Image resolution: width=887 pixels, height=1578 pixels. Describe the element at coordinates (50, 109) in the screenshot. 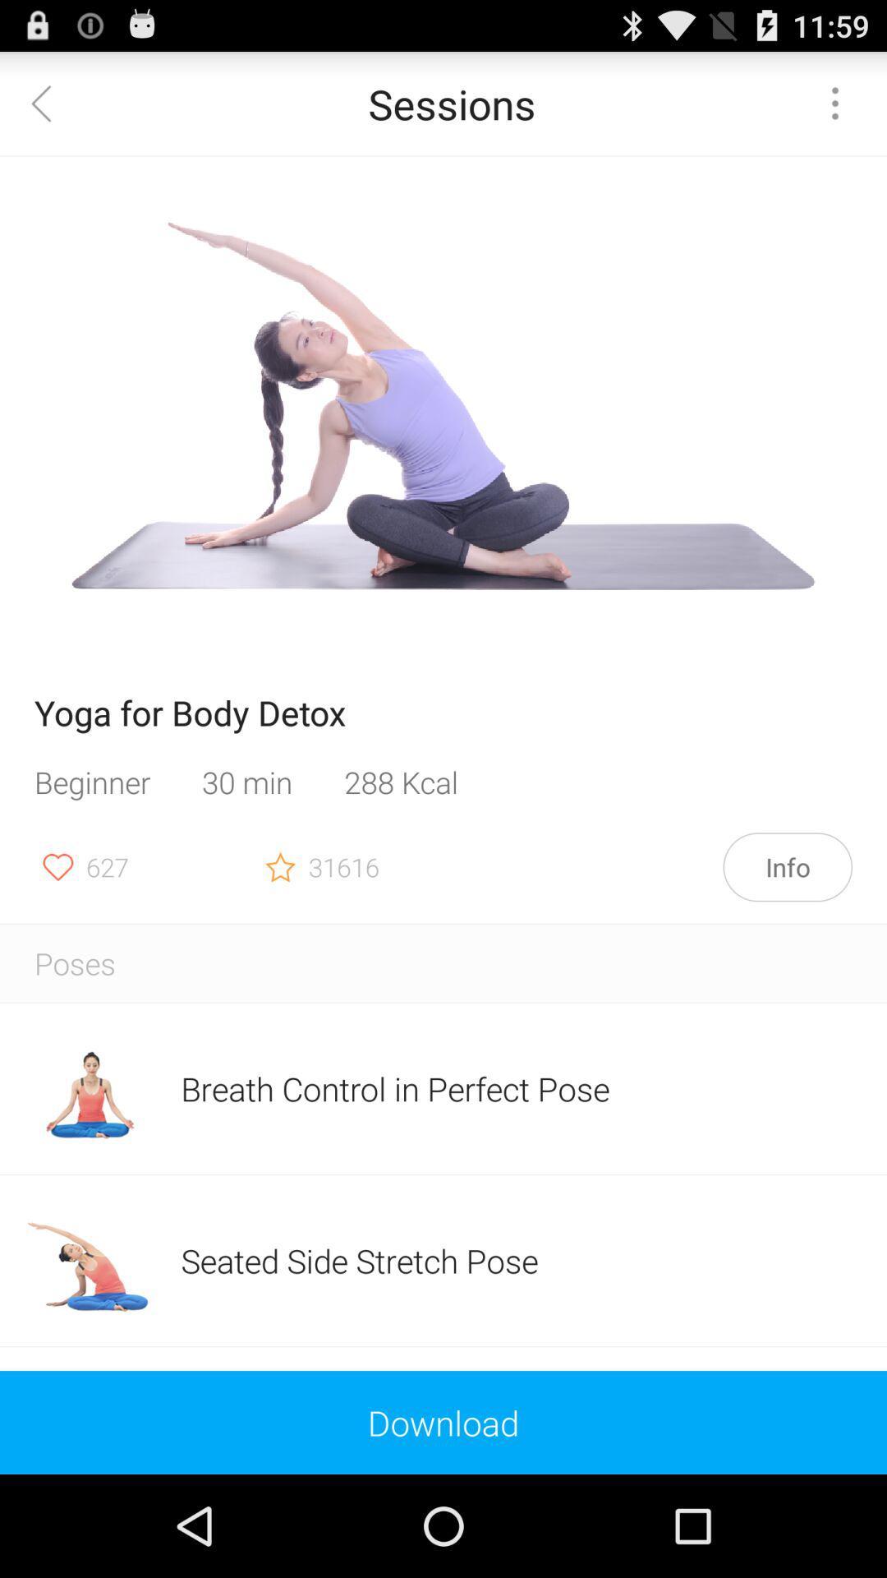

I see `the arrow_backward icon` at that location.